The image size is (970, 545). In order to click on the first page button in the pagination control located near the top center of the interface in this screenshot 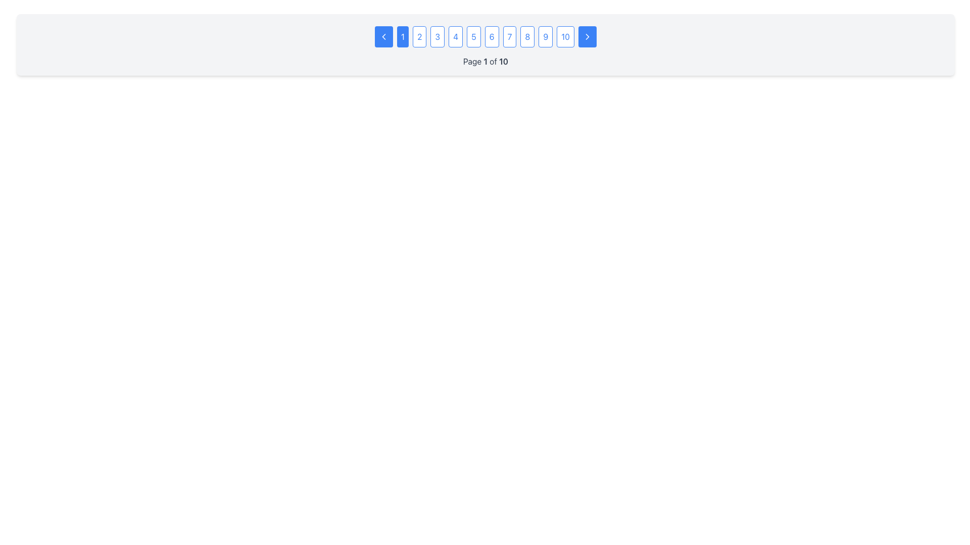, I will do `click(402, 36)`.